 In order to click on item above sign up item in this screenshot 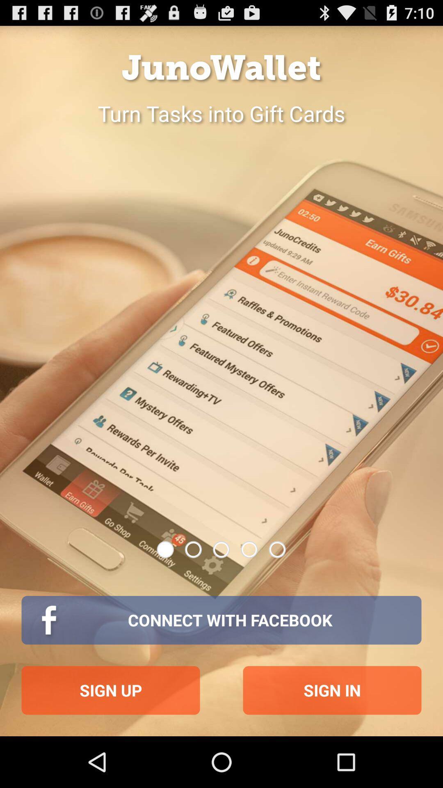, I will do `click(221, 620)`.